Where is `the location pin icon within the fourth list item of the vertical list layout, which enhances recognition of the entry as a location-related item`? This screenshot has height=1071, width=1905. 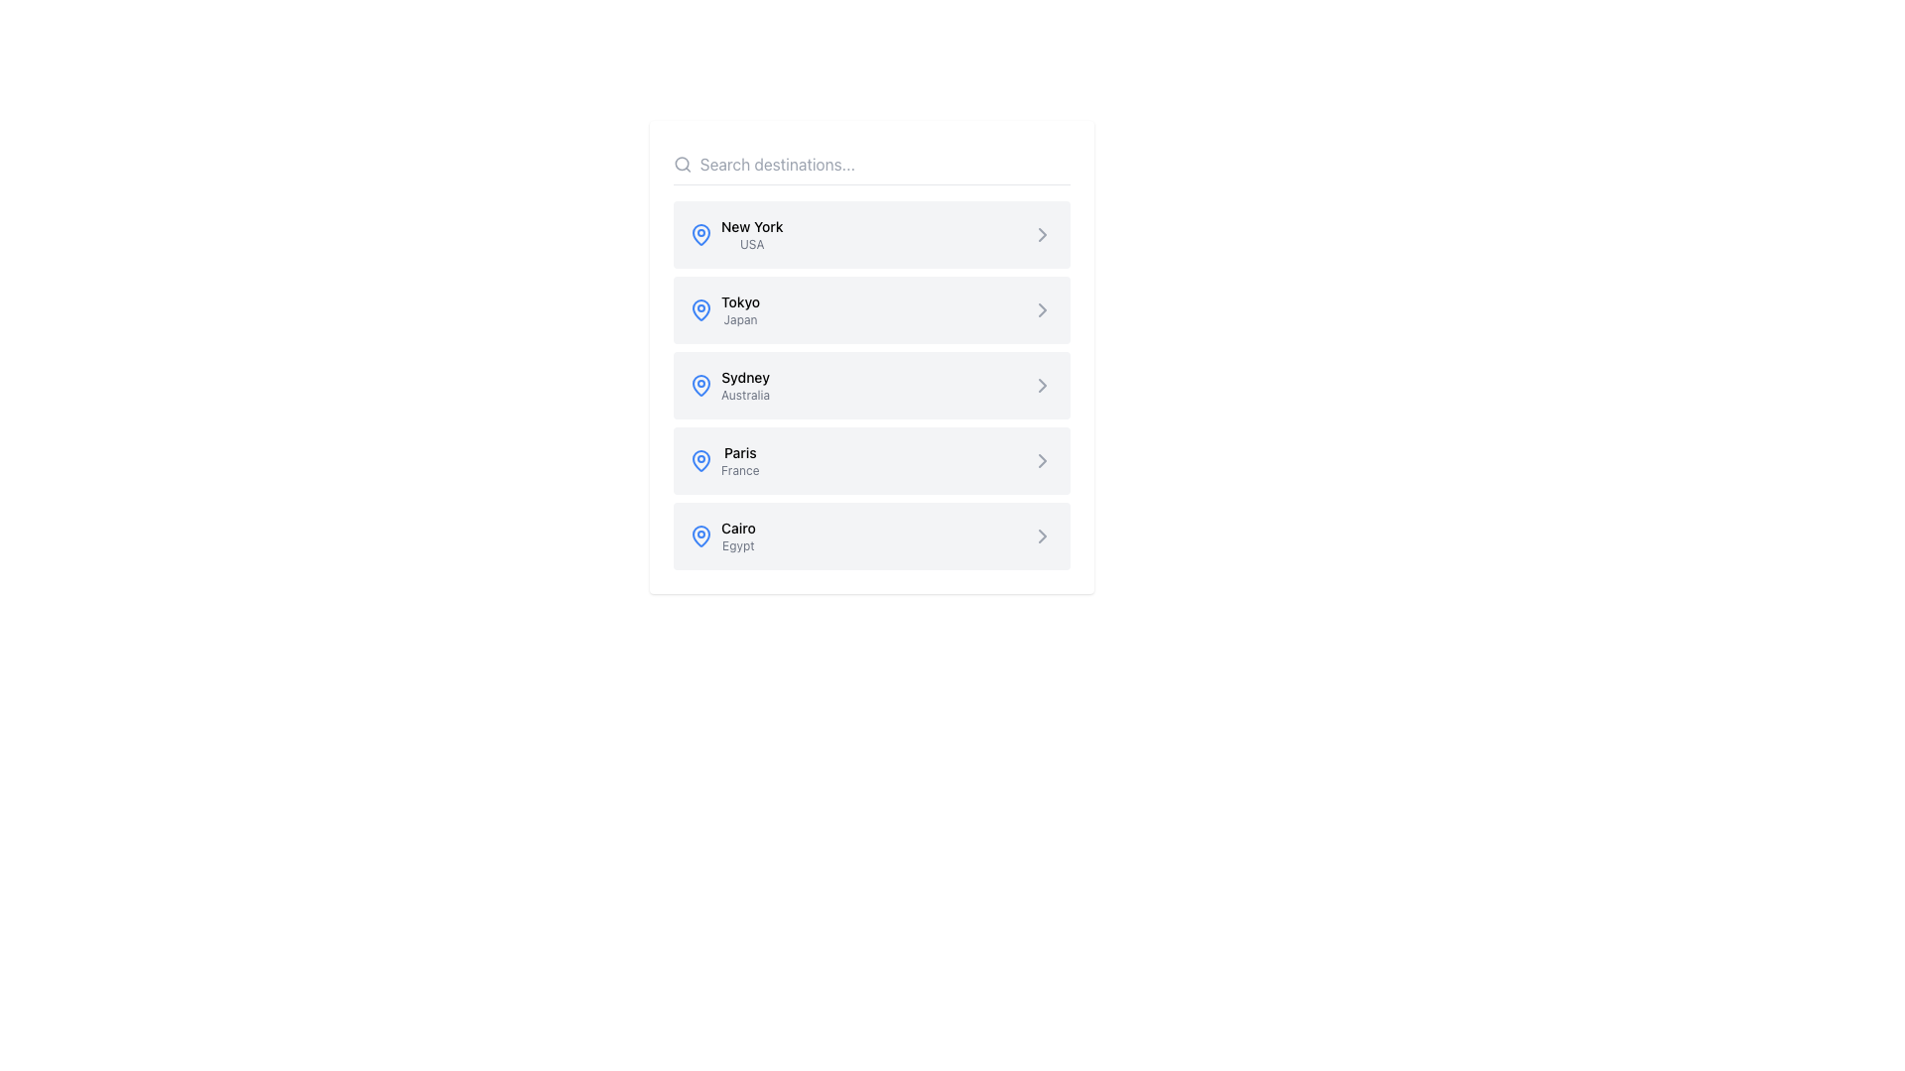
the location pin icon within the fourth list item of the vertical list layout, which enhances recognition of the entry as a location-related item is located at coordinates (700, 459).